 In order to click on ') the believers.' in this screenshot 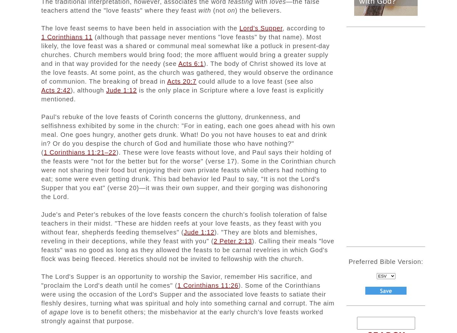, I will do `click(258, 10)`.